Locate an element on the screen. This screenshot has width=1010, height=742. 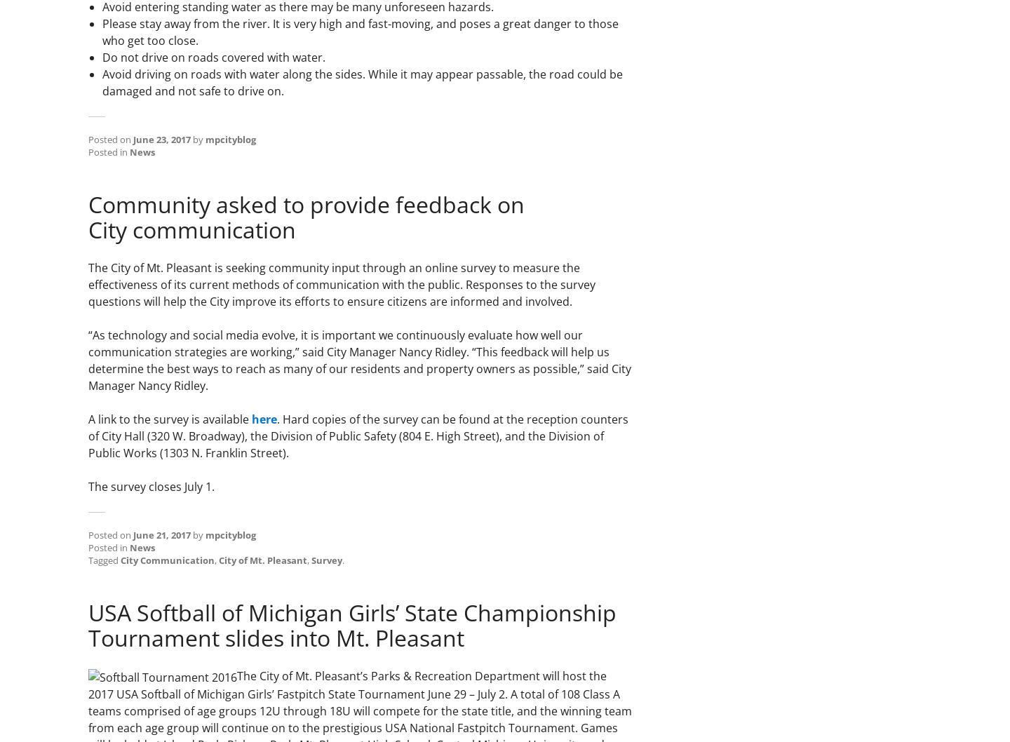
'June 21, 2017' is located at coordinates (161, 535).